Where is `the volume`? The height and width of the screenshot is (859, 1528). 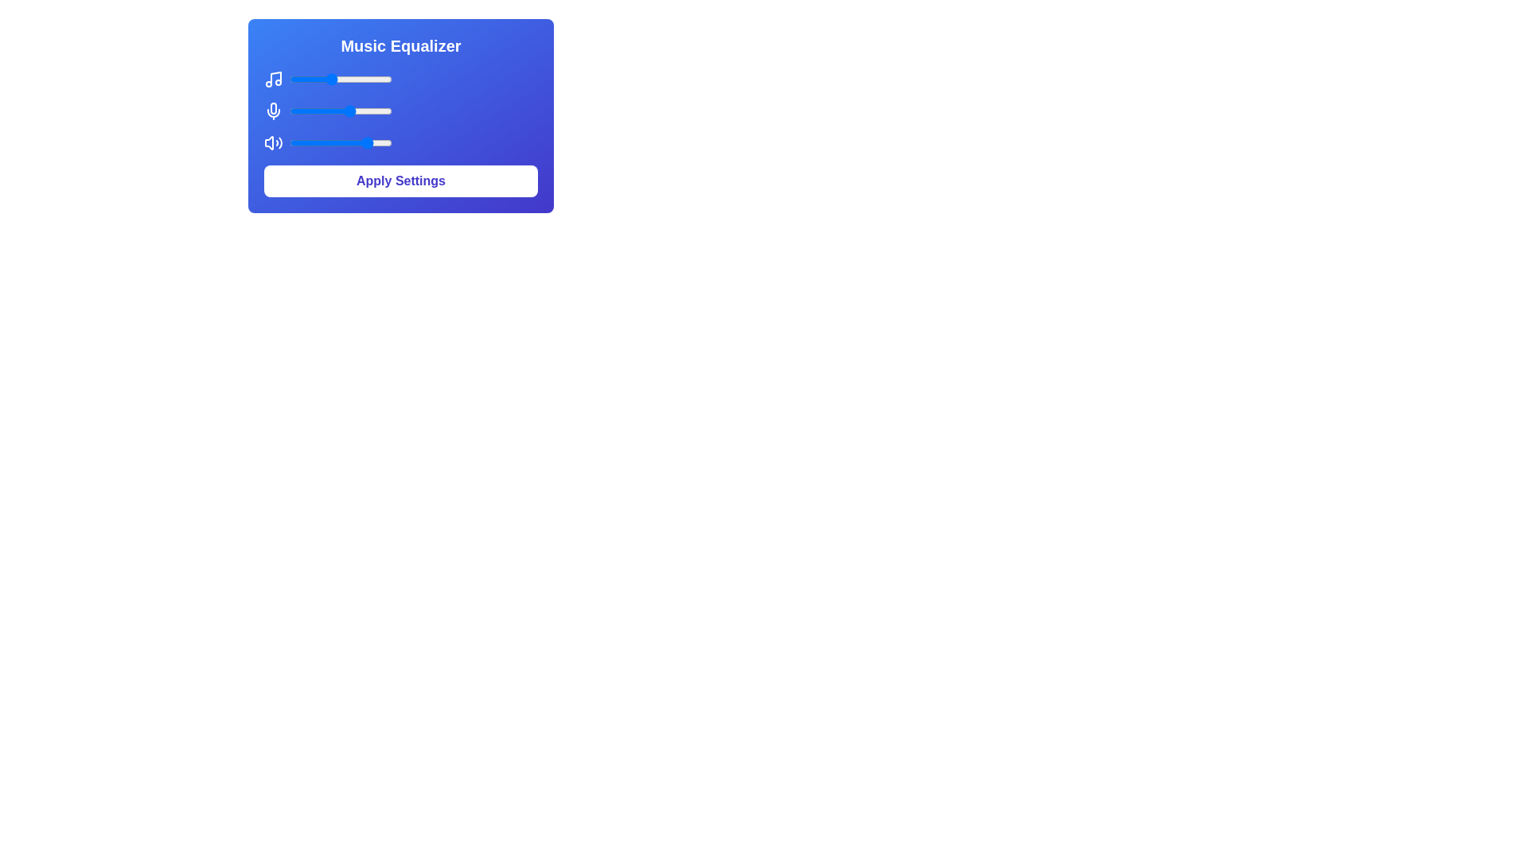
the volume is located at coordinates (332, 143).